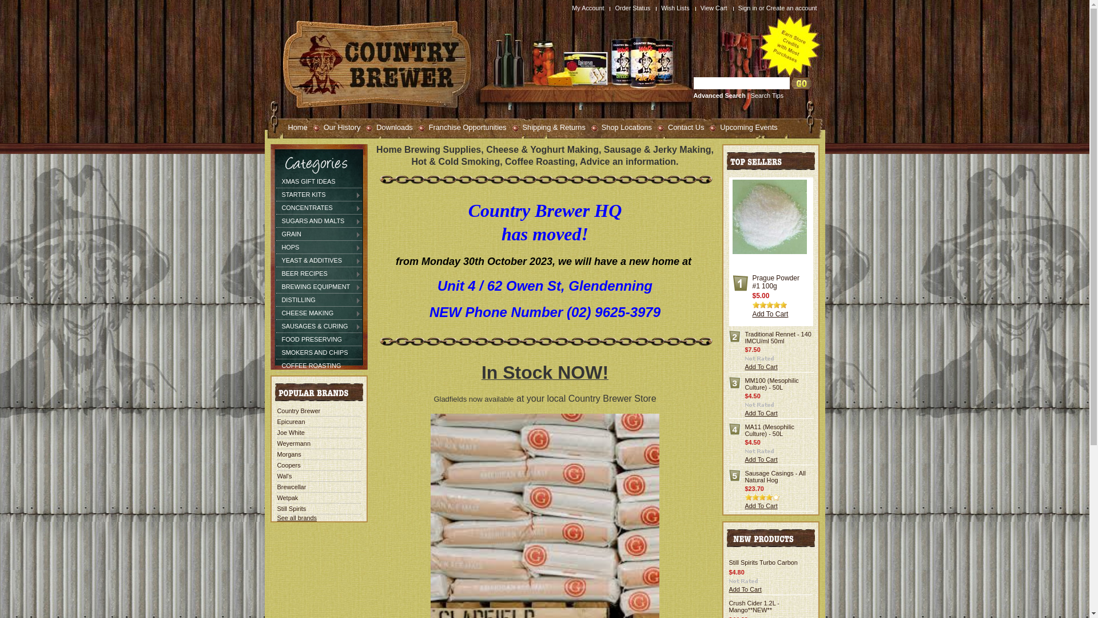 The image size is (1098, 618). Describe the element at coordinates (277, 126) in the screenshot. I see `'Home'` at that location.